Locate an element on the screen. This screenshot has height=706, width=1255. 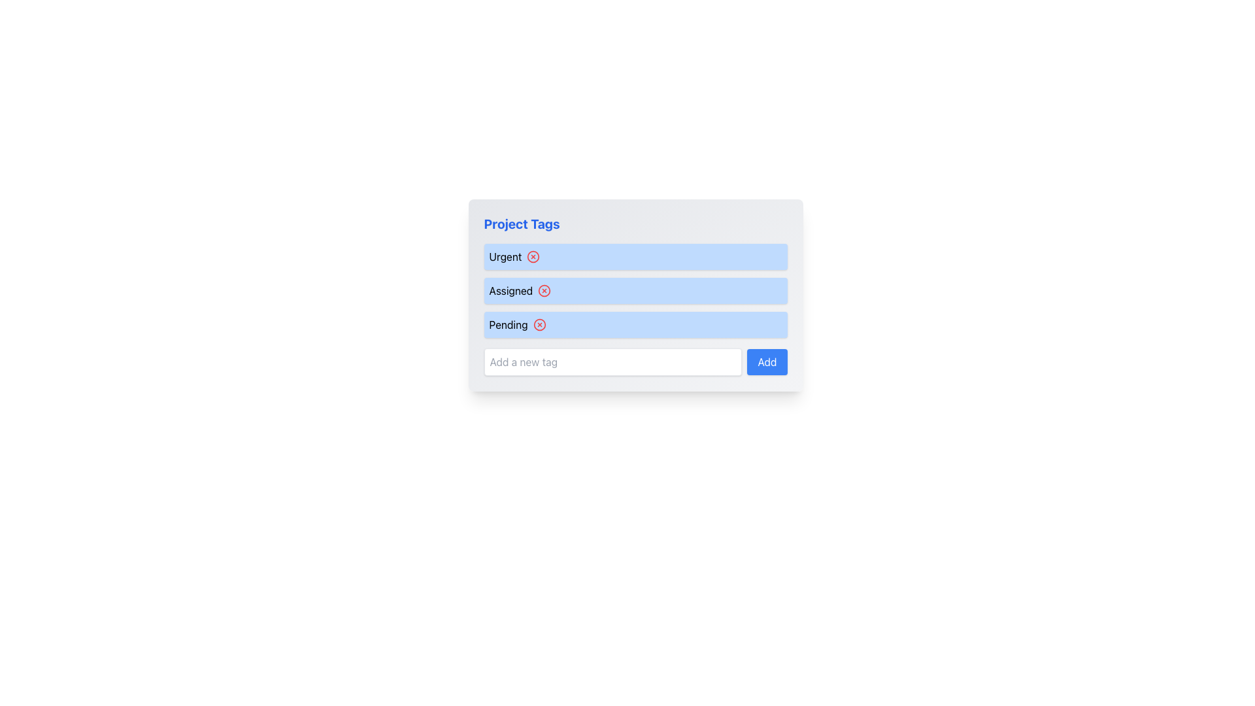
the confirm button for adding a new tag, located to the right of the 'Add a new tag' text input field in the 'Project Tags' section is located at coordinates (767, 362).